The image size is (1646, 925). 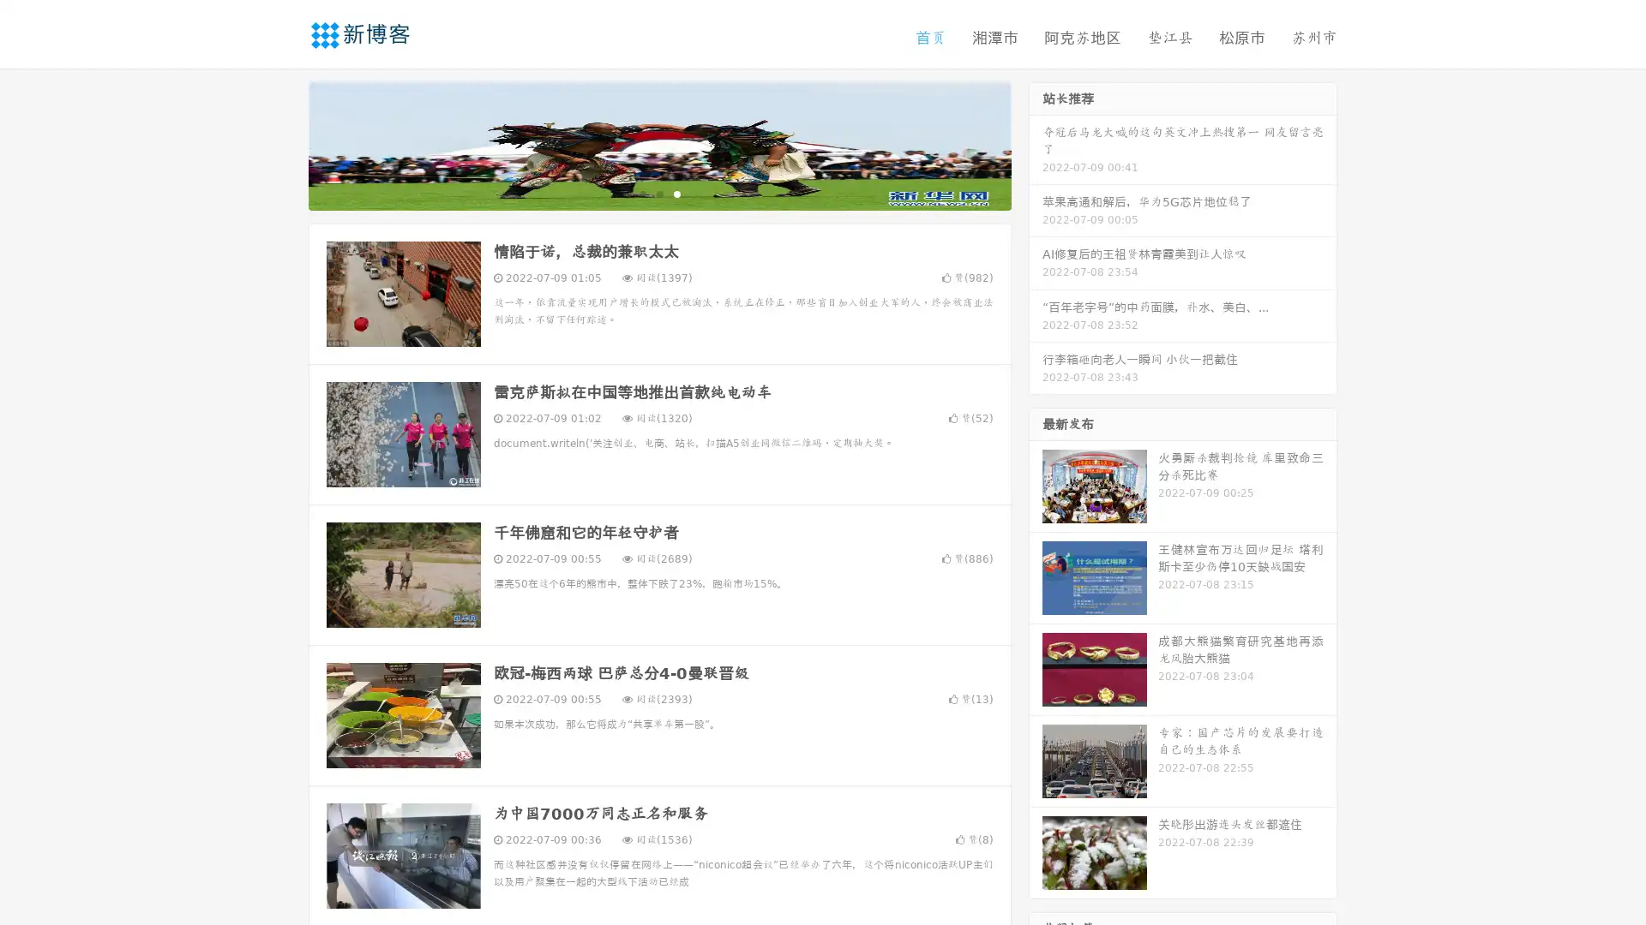 I want to click on Go to slide 1, so click(x=641, y=193).